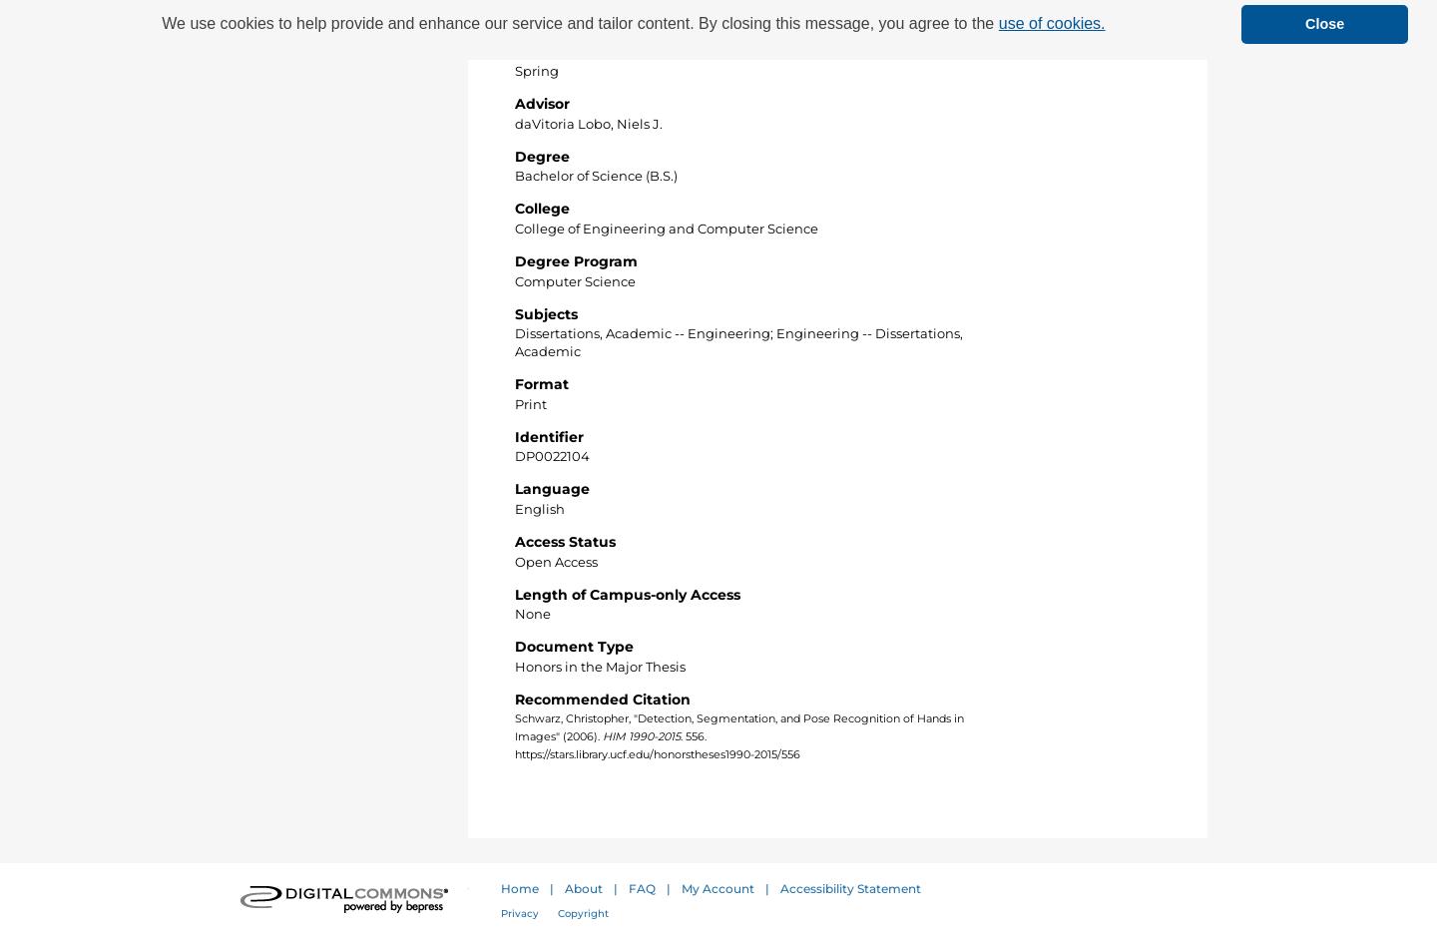 The height and width of the screenshot is (938, 1437). I want to click on 'Home', so click(499, 887).